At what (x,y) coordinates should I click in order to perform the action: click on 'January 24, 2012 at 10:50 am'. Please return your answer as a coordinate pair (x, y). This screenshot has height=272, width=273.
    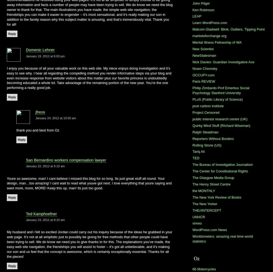
    Looking at the image, I should click on (55, 118).